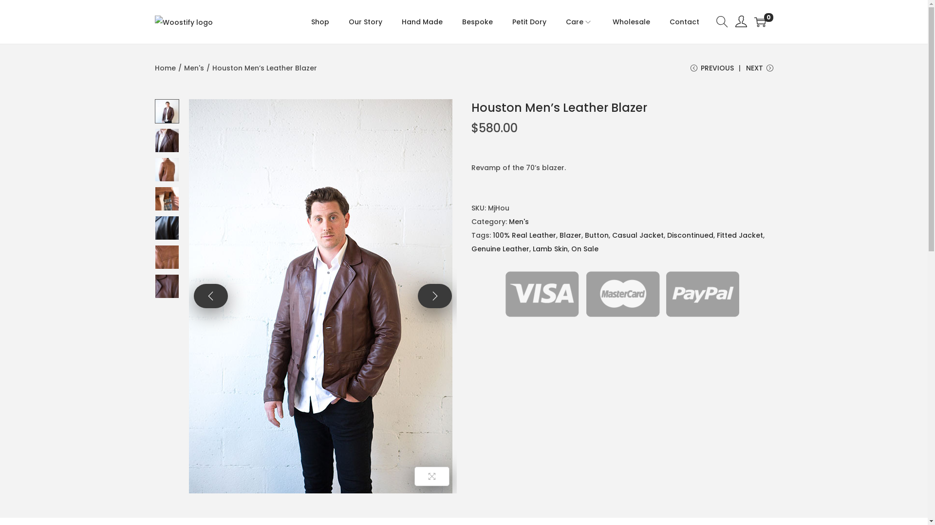 This screenshot has width=935, height=525. Describe the element at coordinates (348, 22) in the screenshot. I see `'Our Story'` at that location.